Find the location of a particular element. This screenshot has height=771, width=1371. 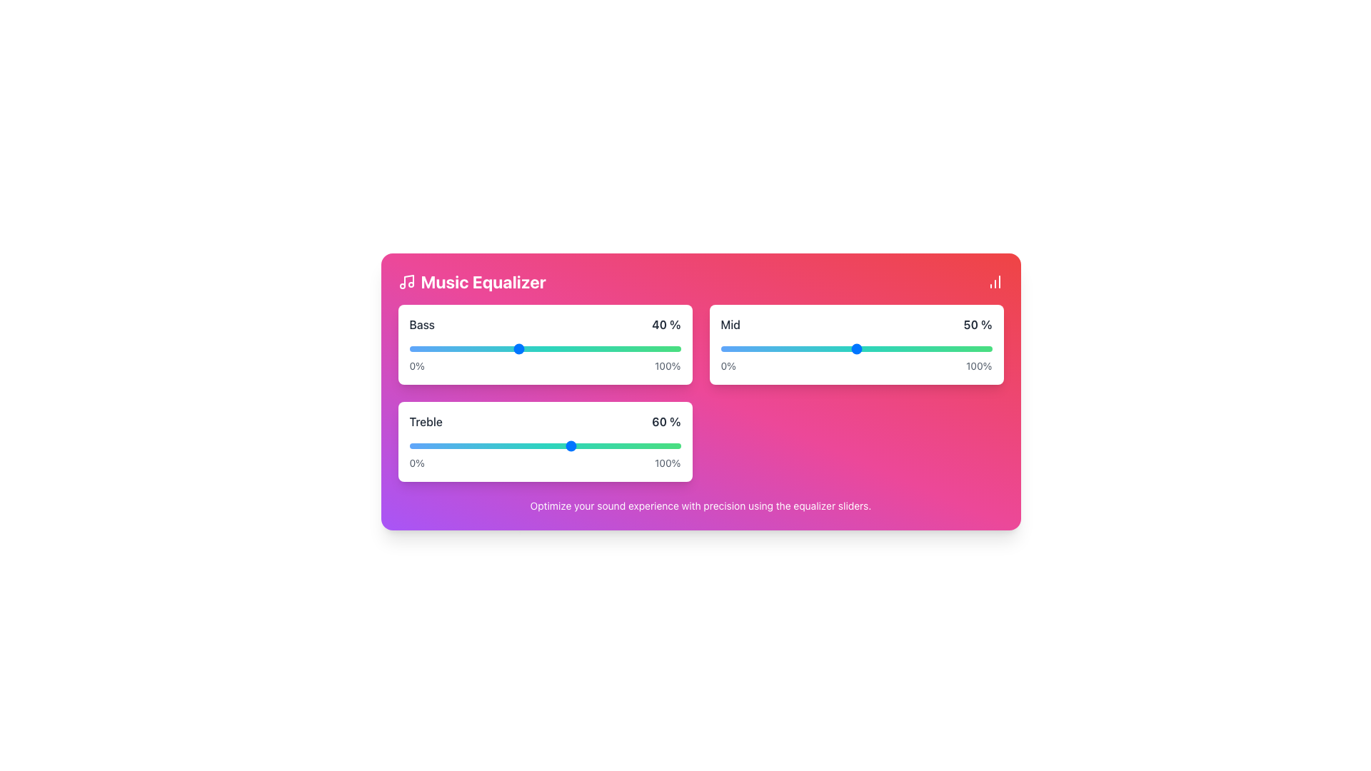

the leftmost icon representing the 'Music Equalizer' functionality in the header section is located at coordinates (406, 281).